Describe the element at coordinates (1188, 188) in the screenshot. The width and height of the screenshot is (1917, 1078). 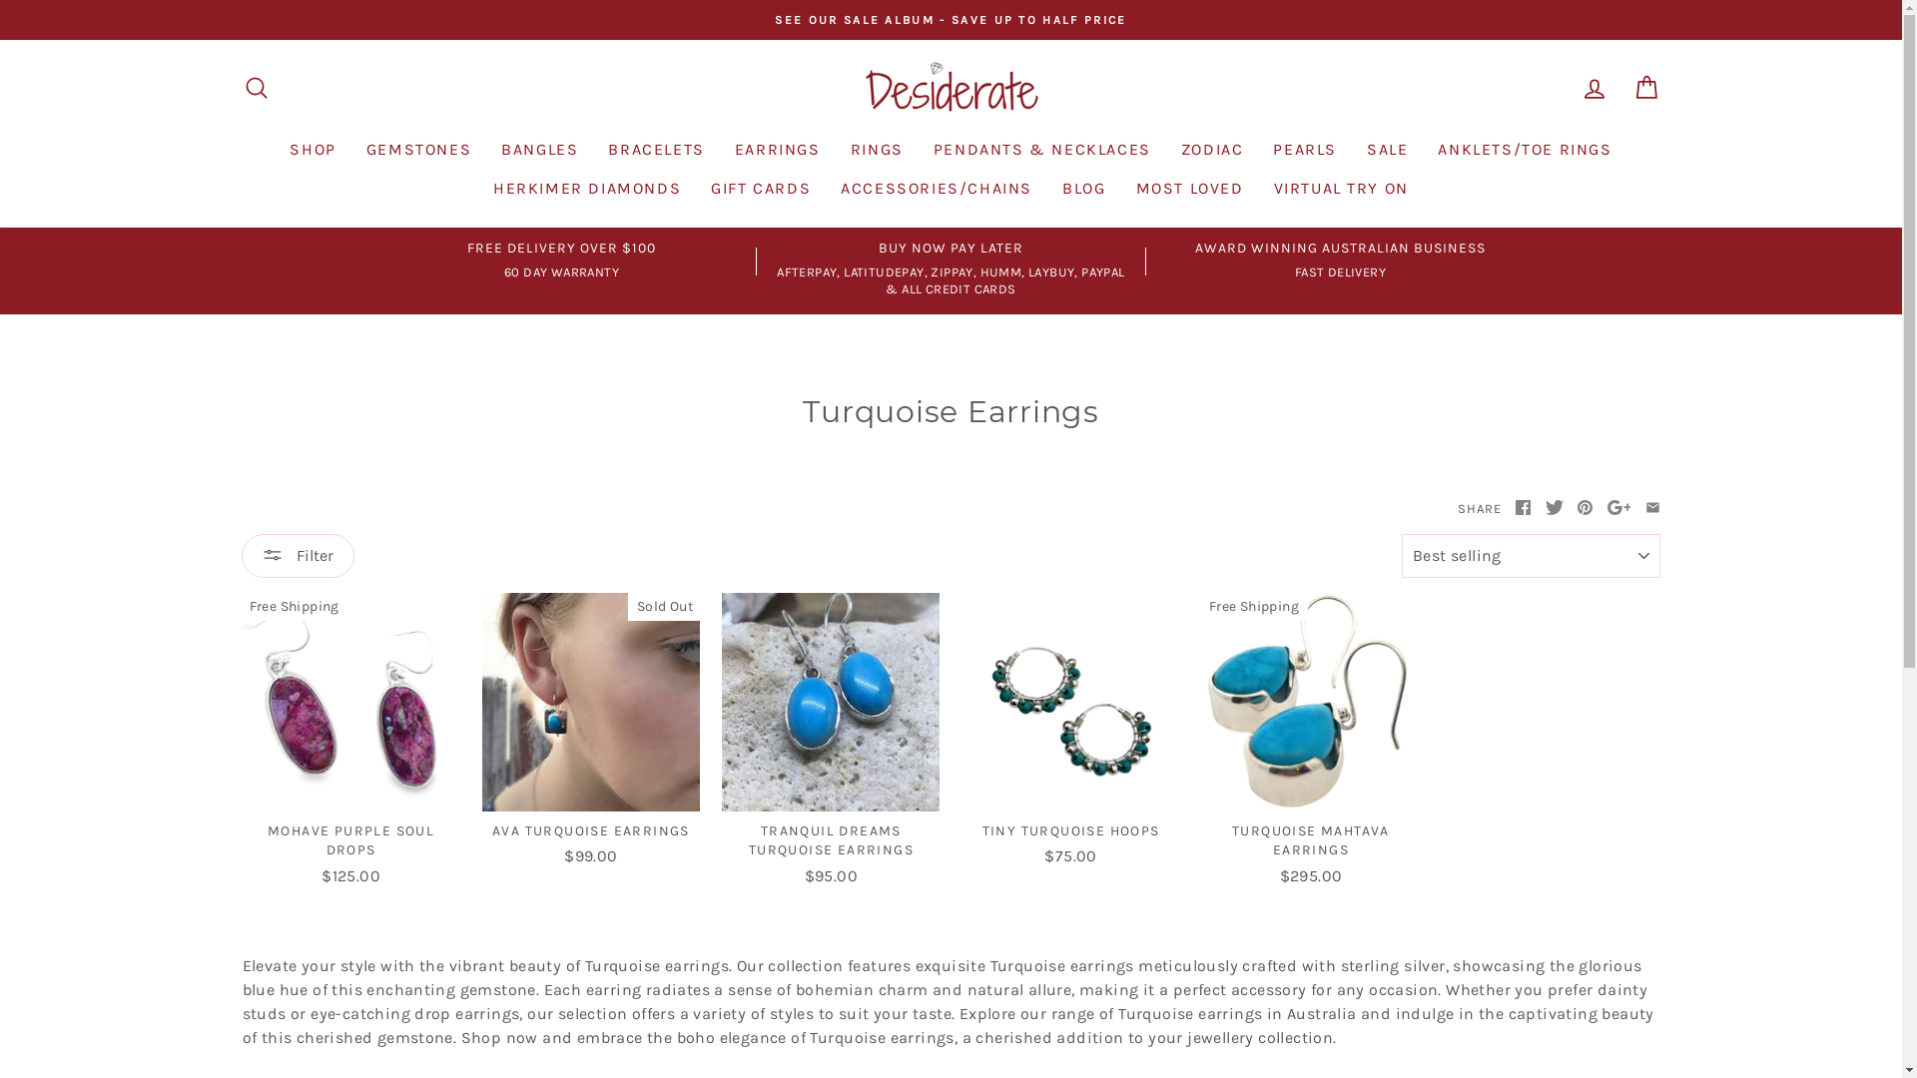
I see `'MOST LOVED'` at that location.